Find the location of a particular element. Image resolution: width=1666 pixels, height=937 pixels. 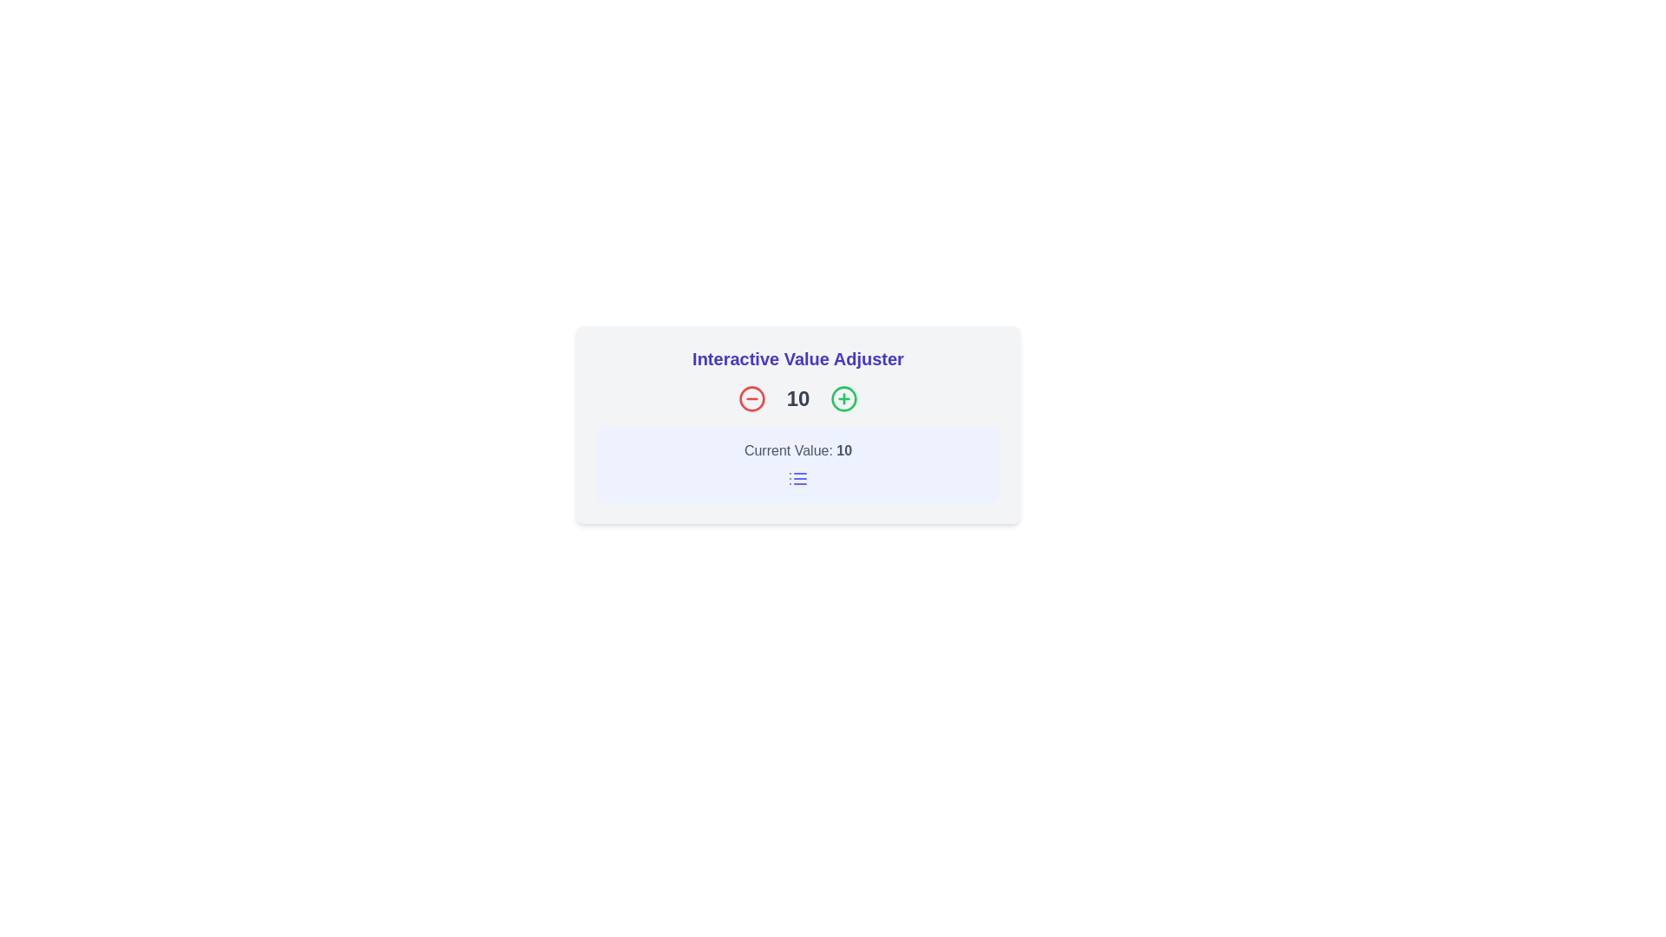

the Value Adjuster Widget, which features a light gray background, bold blue text 'Interactive Value Adjuster', a red minus icon, a green plus icon, and displays the current value '10' is located at coordinates (797, 424).